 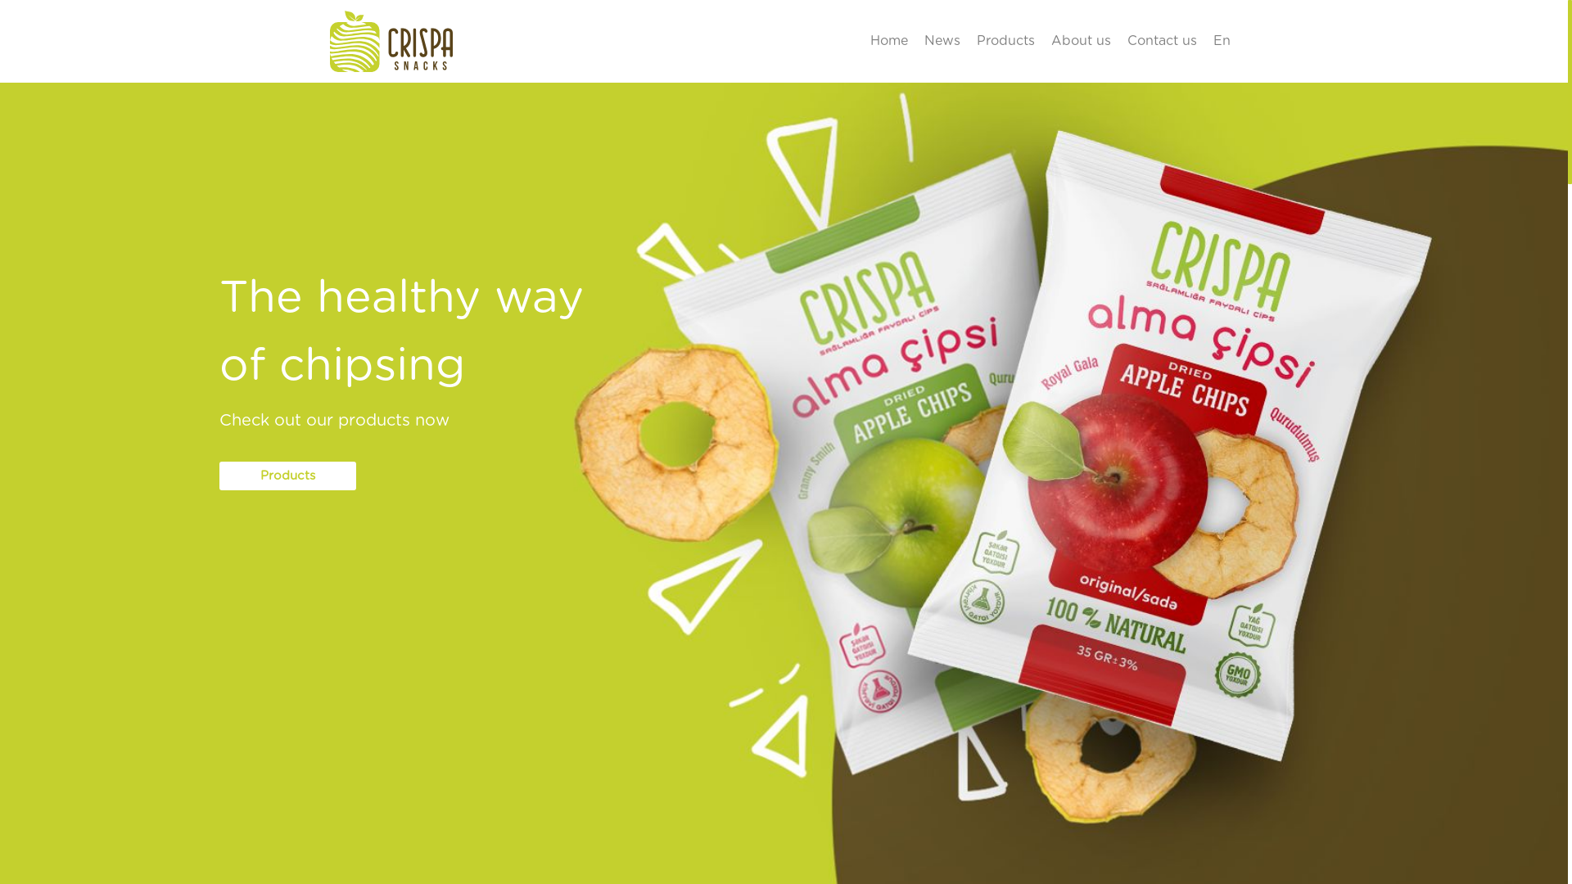 I want to click on 'En', so click(x=1205, y=40).